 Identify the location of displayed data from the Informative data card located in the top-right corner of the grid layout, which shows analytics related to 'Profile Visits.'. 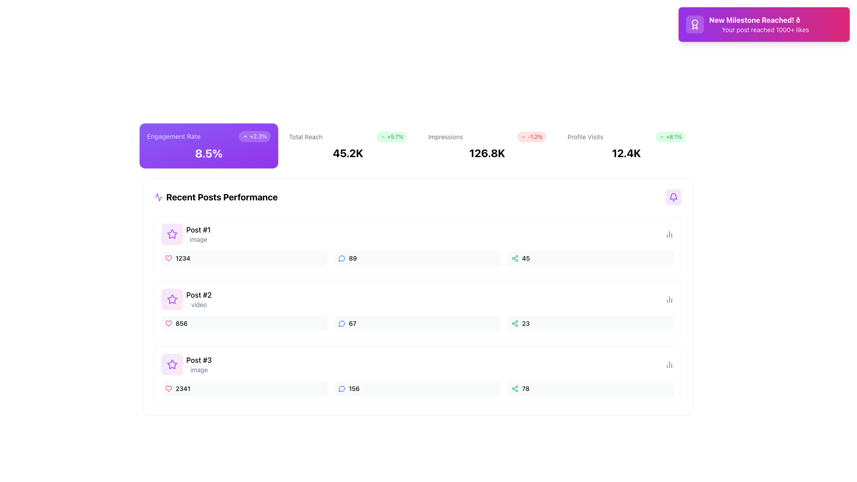
(626, 145).